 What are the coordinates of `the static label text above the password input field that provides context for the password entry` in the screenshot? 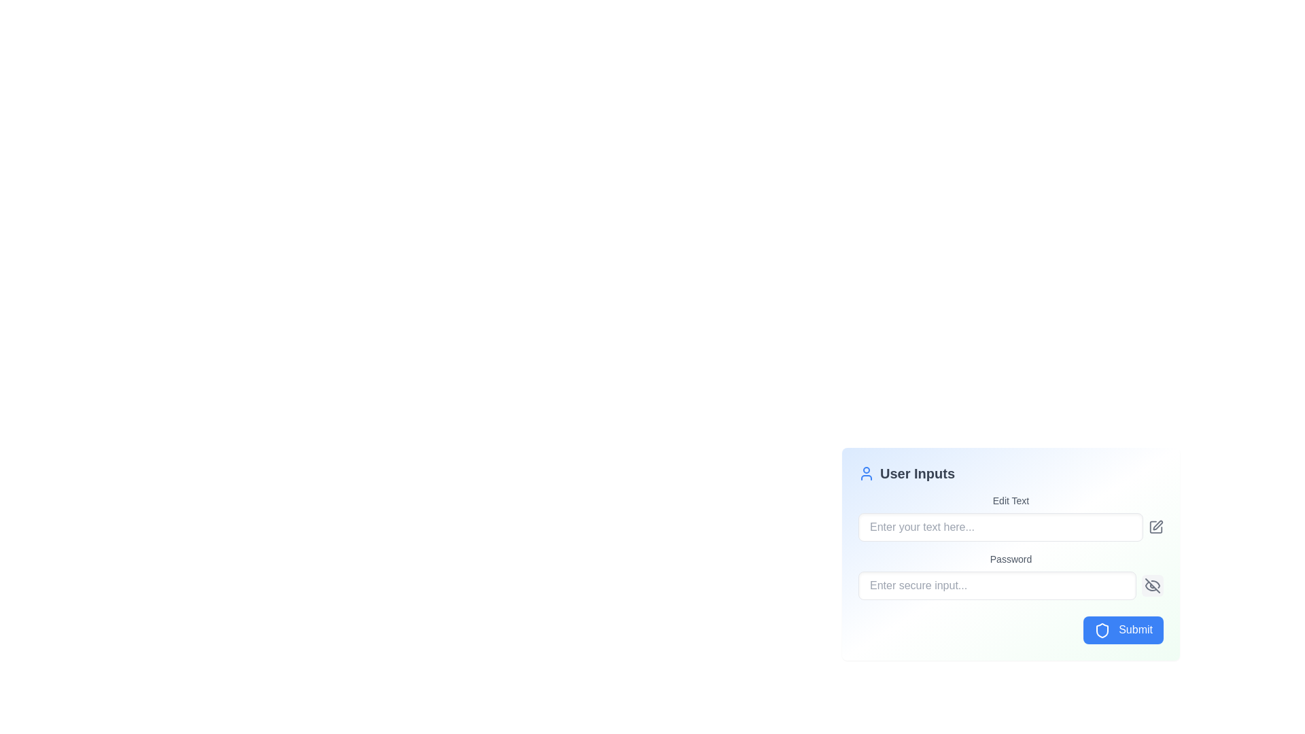 It's located at (1011, 559).